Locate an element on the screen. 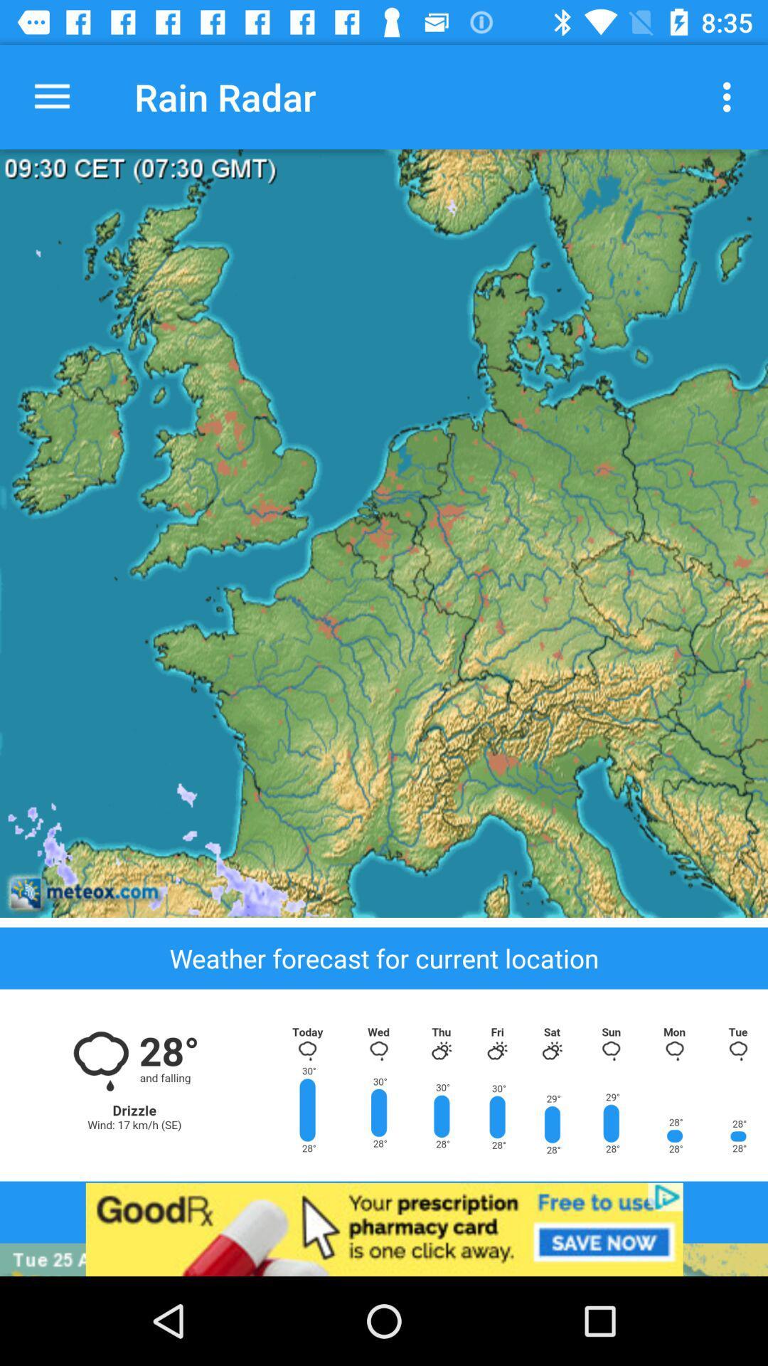 The width and height of the screenshot is (768, 1366). world map is located at coordinates (384, 532).